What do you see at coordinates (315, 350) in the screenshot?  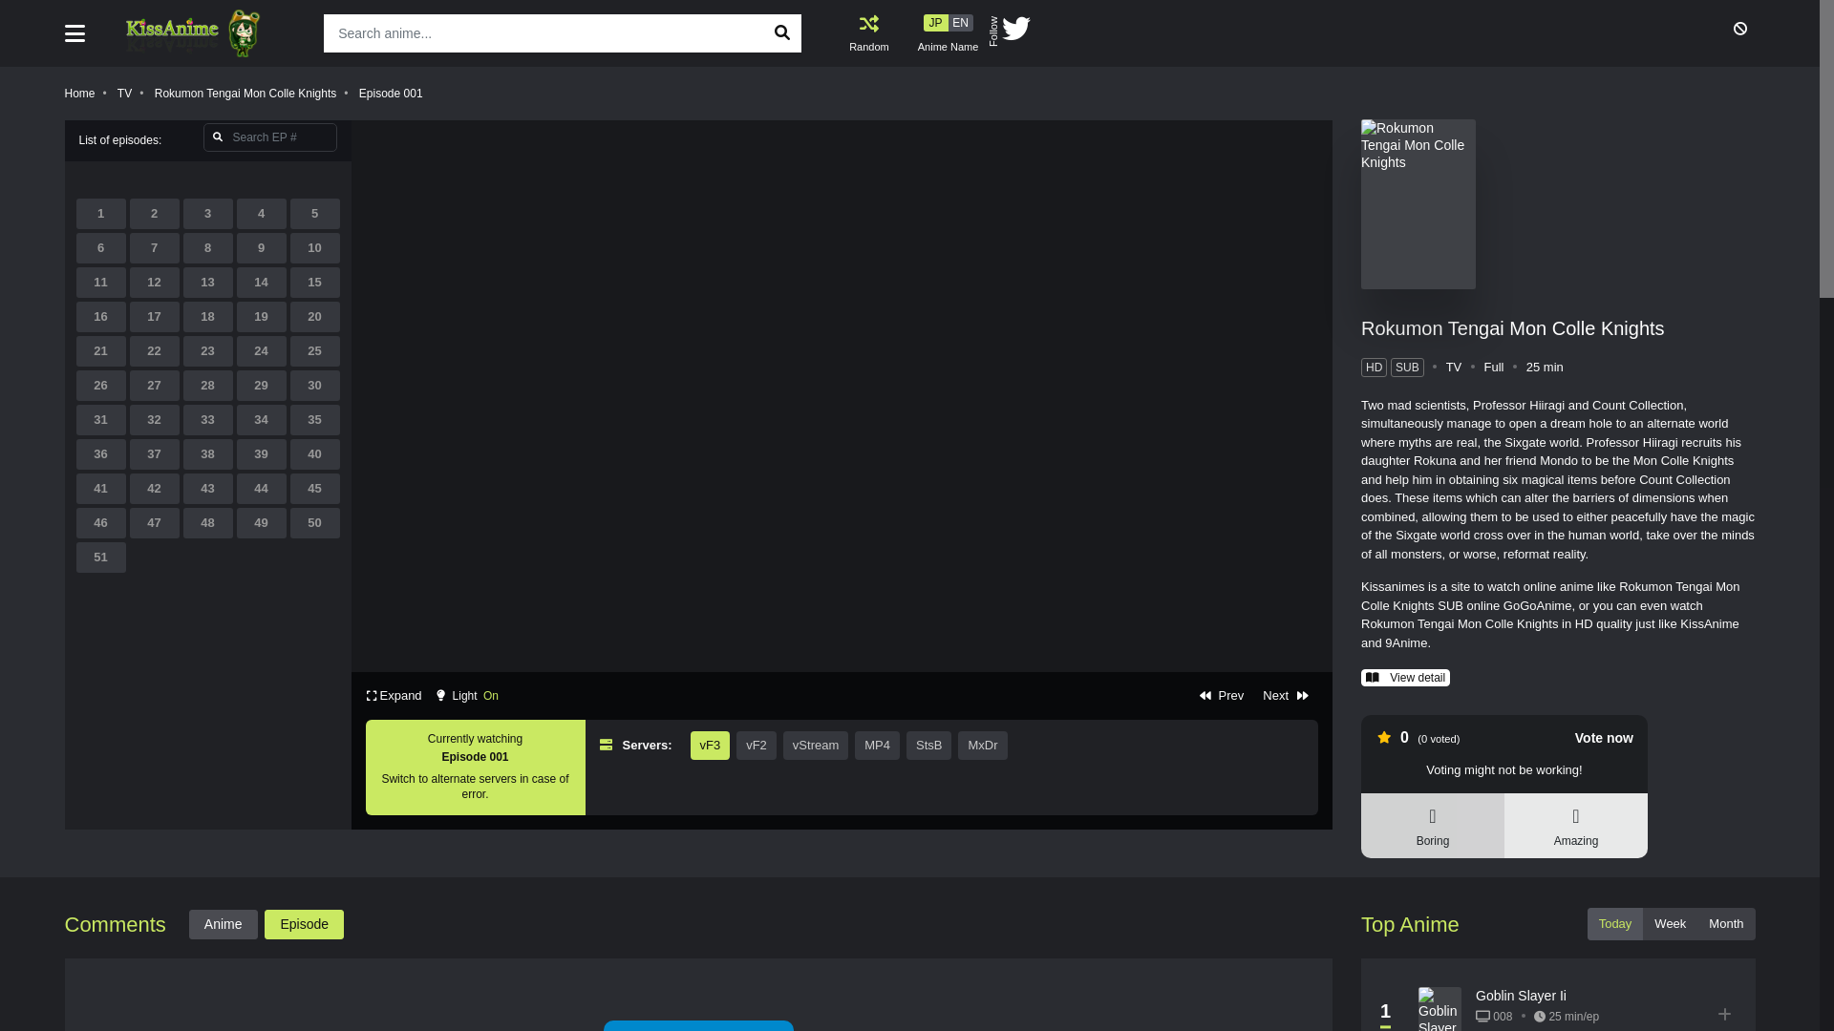 I see `'25'` at bounding box center [315, 350].